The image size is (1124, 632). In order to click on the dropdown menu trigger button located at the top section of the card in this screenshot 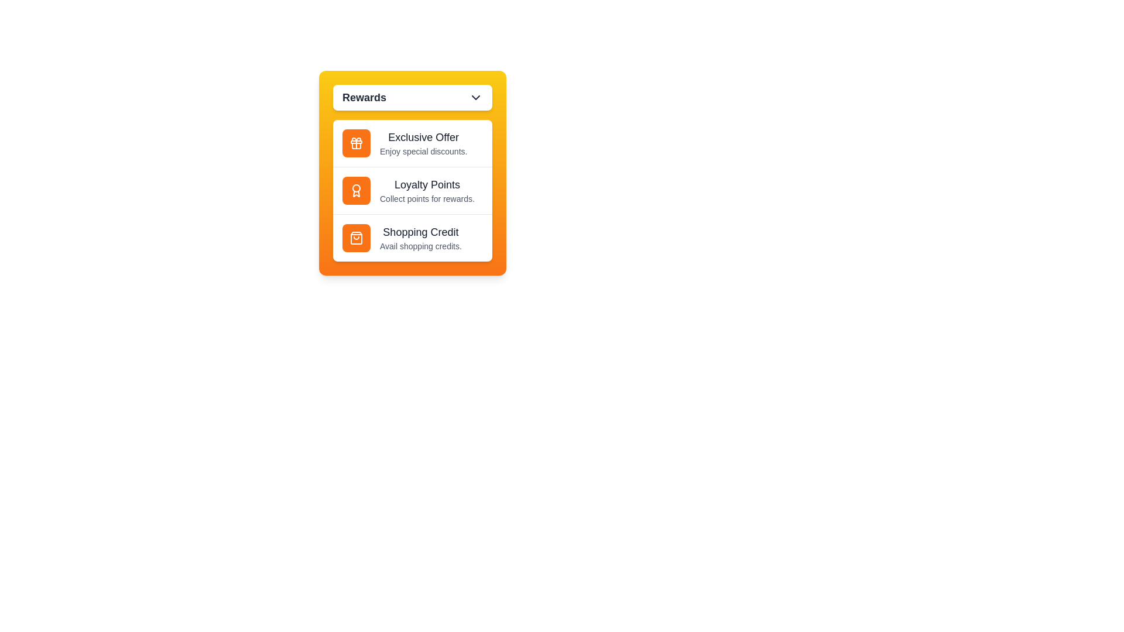, I will do `click(413, 97)`.